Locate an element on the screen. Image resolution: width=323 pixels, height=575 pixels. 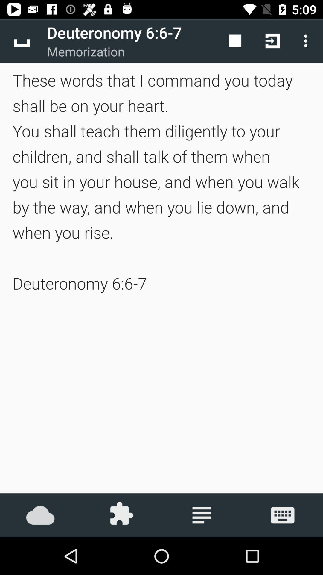
these words that is located at coordinates (161, 181).